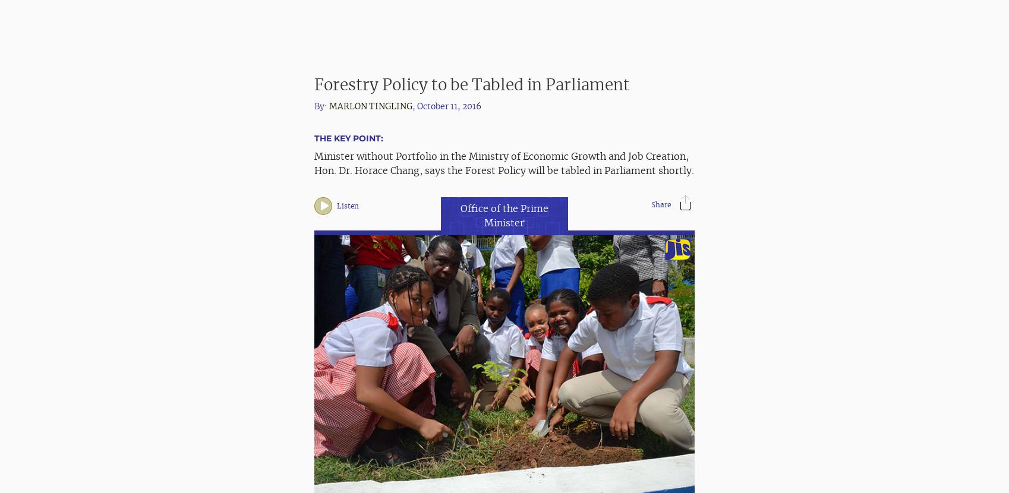 This screenshot has width=1009, height=493. What do you see at coordinates (562, 455) in the screenshot?
I see `','` at bounding box center [562, 455].